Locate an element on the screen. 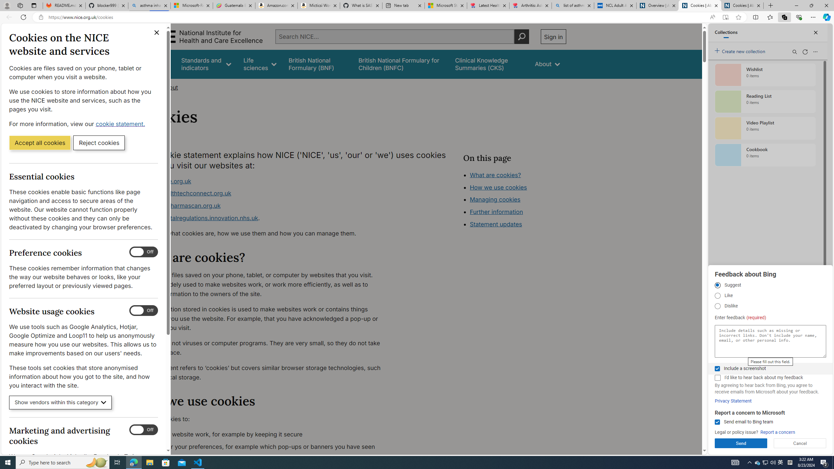 This screenshot has height=469, width=834. 'Accept all cookies' is located at coordinates (40, 142).